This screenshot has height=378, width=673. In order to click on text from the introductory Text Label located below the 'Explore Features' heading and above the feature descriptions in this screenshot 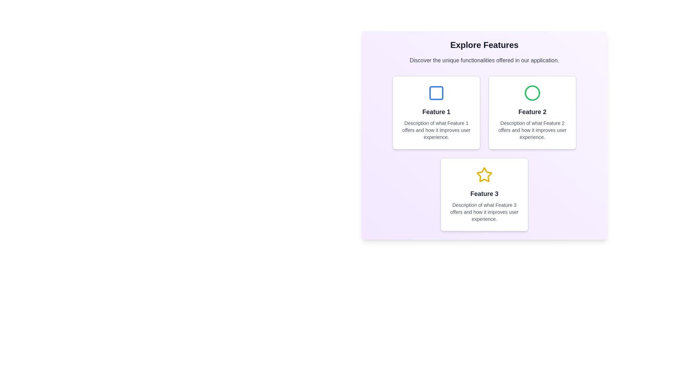, I will do `click(484, 60)`.